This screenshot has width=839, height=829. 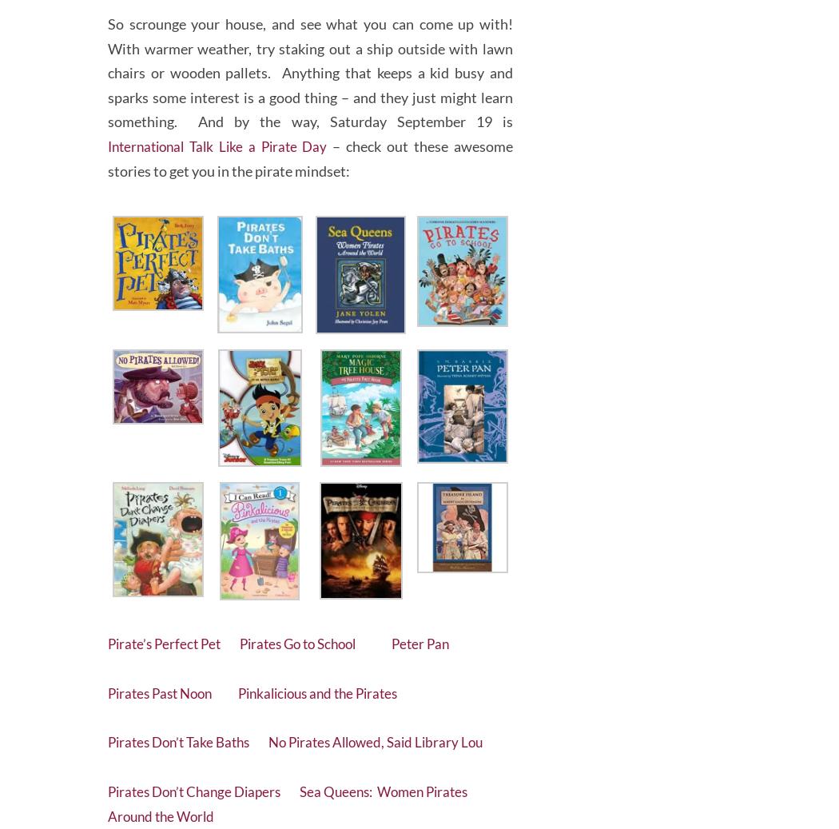 I want to click on 'No Pirates Allowed, Said Library Lou', so click(x=278, y=735).